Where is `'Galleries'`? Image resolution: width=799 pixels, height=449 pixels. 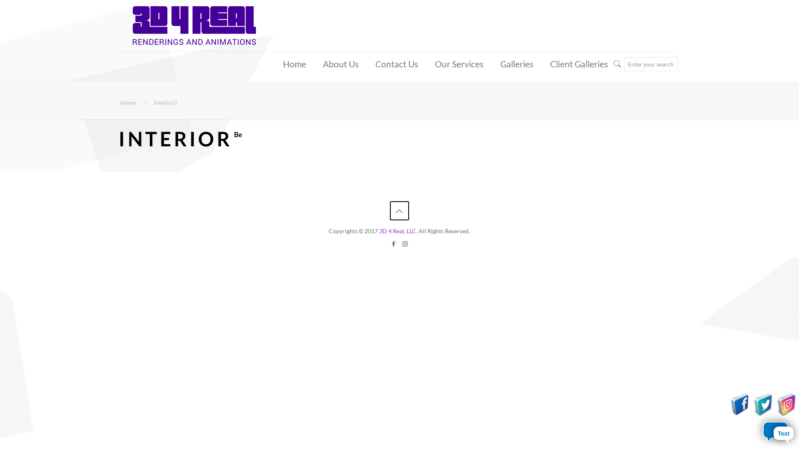 'Galleries' is located at coordinates (516, 64).